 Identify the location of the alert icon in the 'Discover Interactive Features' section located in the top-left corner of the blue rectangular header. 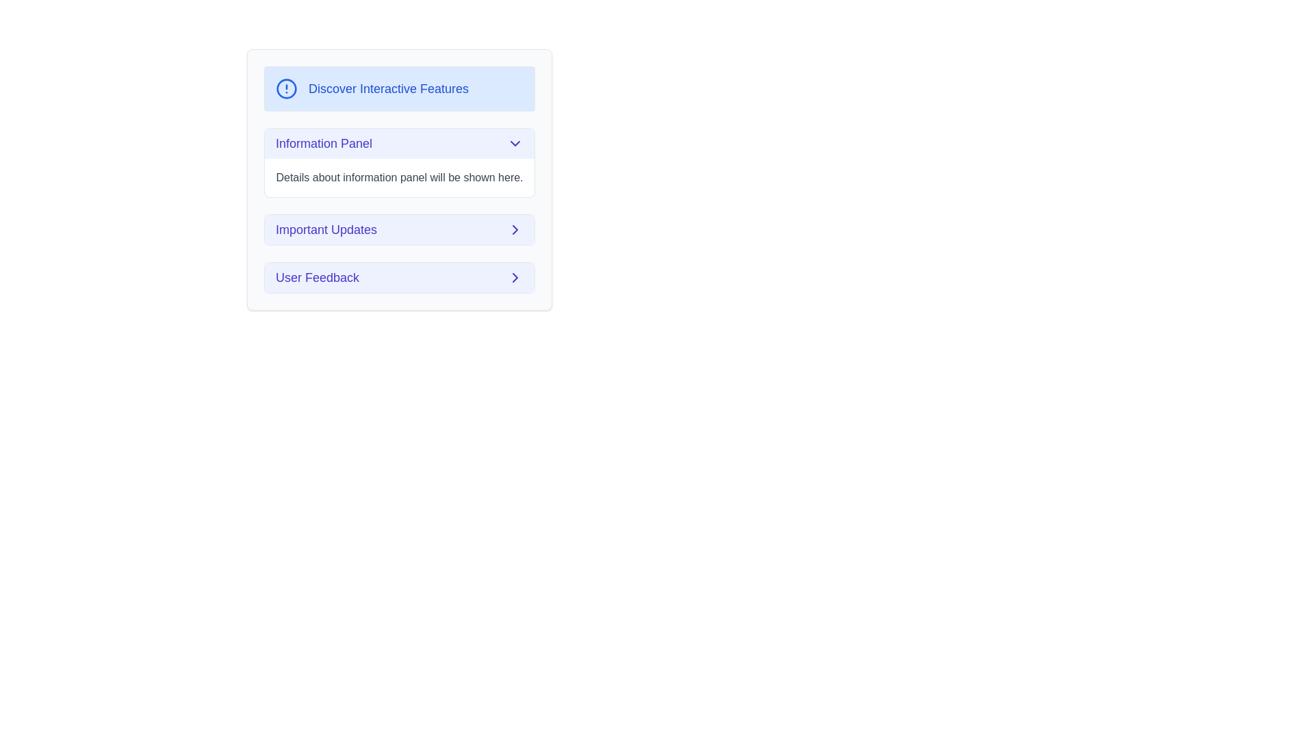
(285, 89).